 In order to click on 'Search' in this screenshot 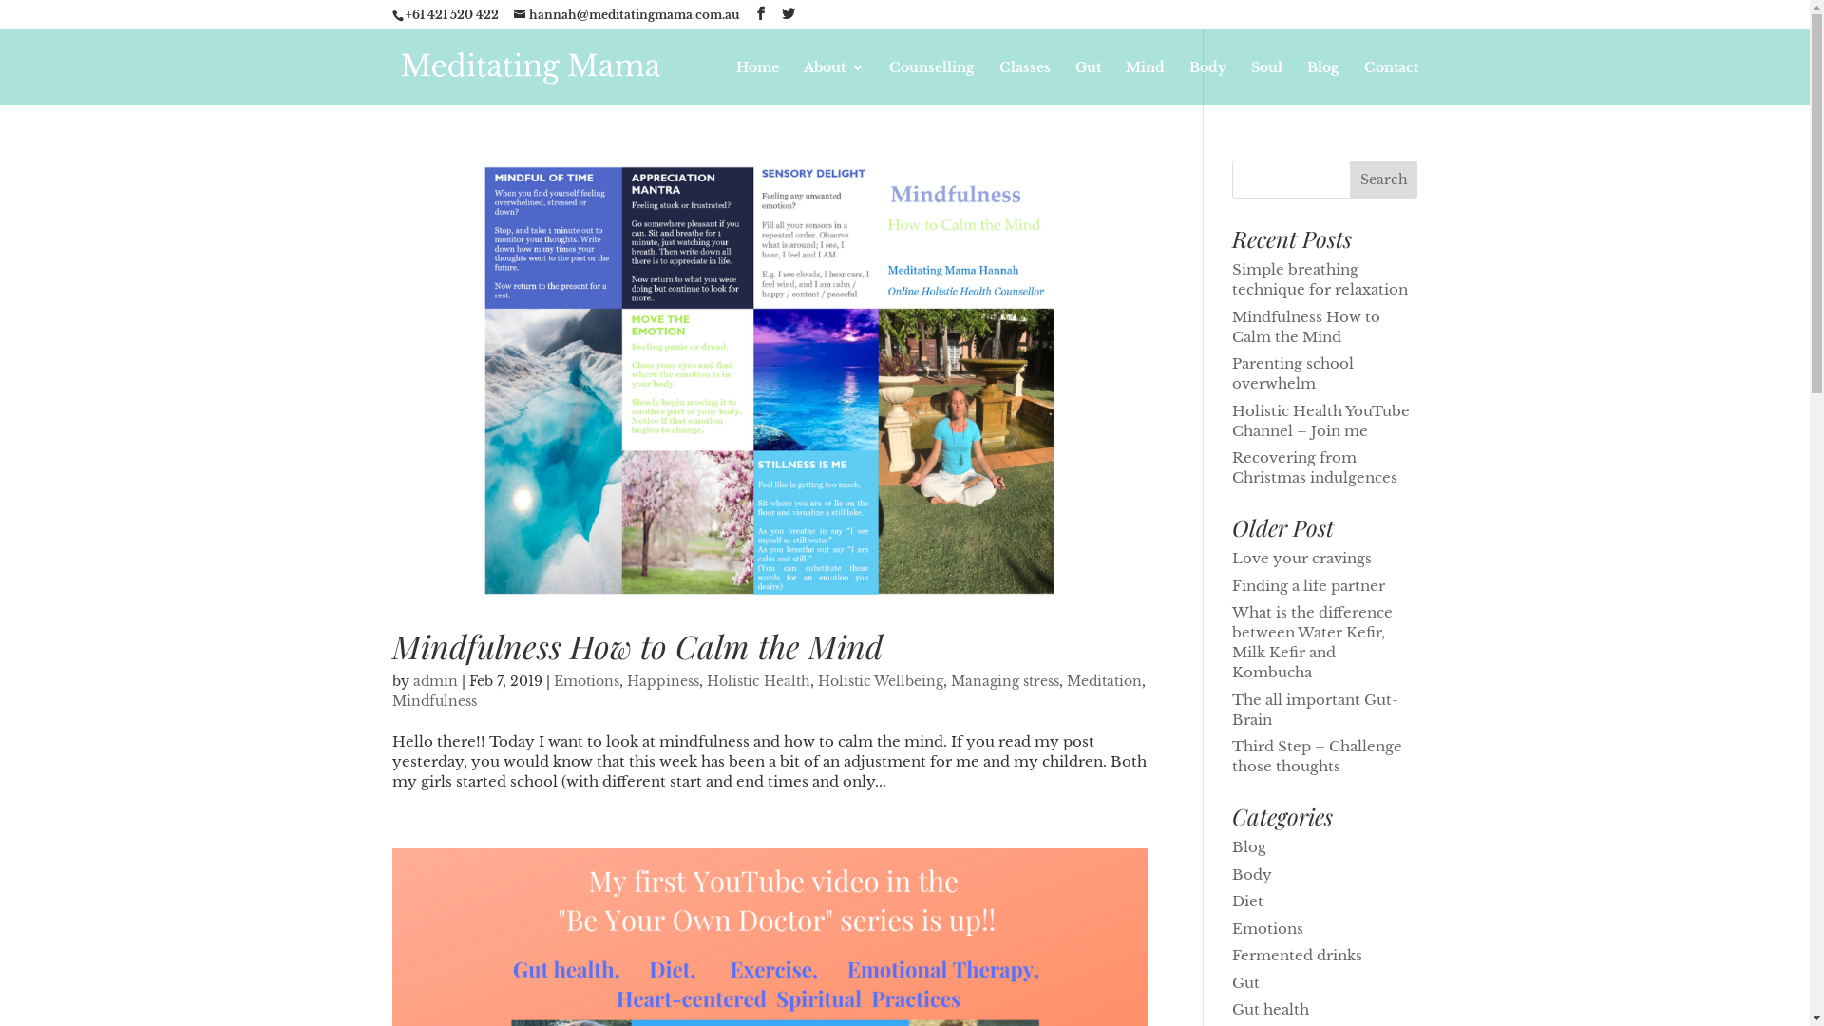, I will do `click(1384, 180)`.